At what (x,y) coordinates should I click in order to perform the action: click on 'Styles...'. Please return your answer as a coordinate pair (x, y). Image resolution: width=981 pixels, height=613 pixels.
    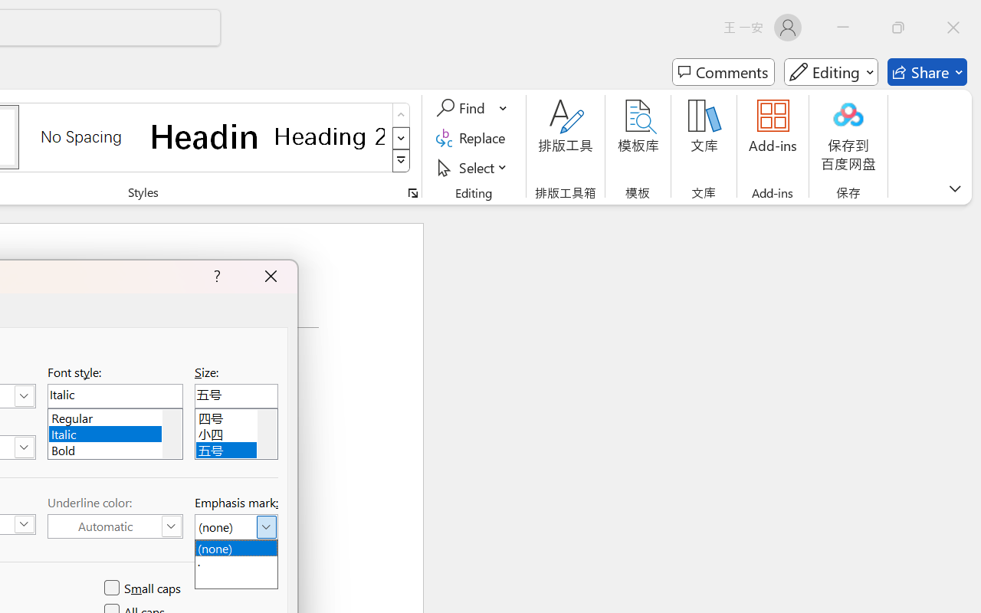
    Looking at the image, I should click on (412, 192).